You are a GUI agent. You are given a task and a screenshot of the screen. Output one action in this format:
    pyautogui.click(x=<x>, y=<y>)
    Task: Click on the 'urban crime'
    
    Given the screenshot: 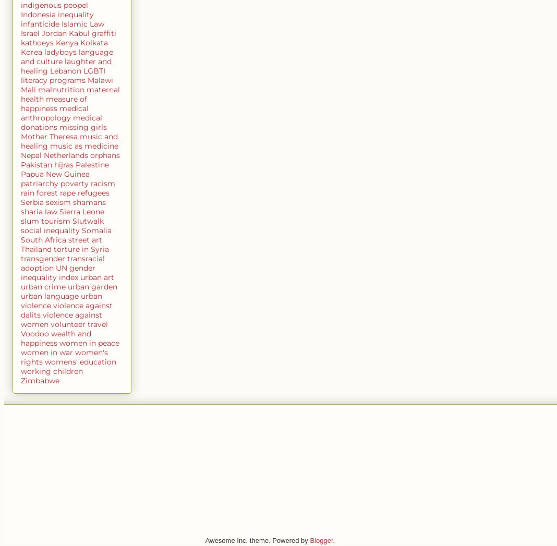 What is the action you would take?
    pyautogui.click(x=42, y=286)
    